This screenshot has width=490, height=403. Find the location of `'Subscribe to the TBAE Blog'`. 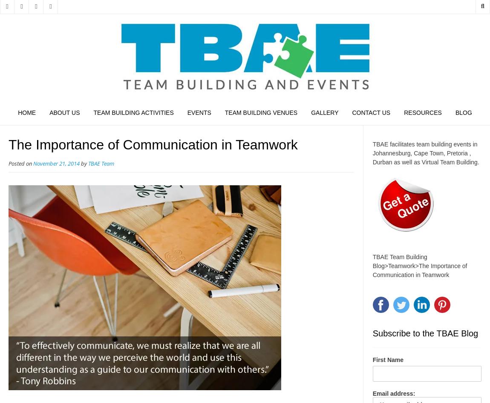

'Subscribe to the TBAE Blog' is located at coordinates (425, 333).